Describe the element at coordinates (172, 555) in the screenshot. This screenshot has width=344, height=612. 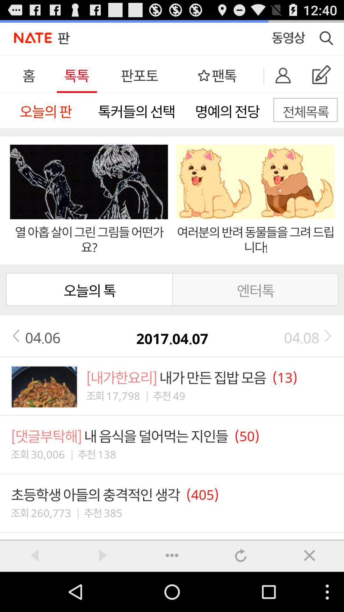
I see `close` at that location.